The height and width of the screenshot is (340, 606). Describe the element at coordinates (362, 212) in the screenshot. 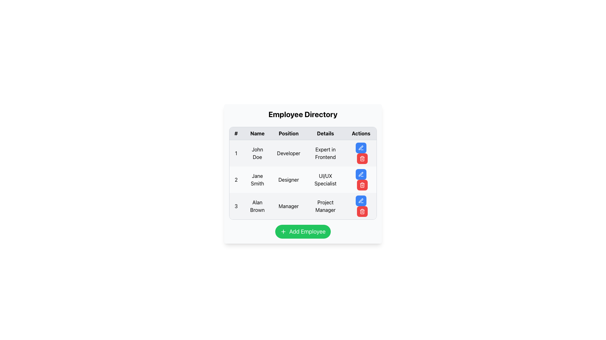

I see `the trash bin icon in the 'Actions' column of the table, specifically in the third row labeled 'Alan Brown', to understand its purpose` at that location.